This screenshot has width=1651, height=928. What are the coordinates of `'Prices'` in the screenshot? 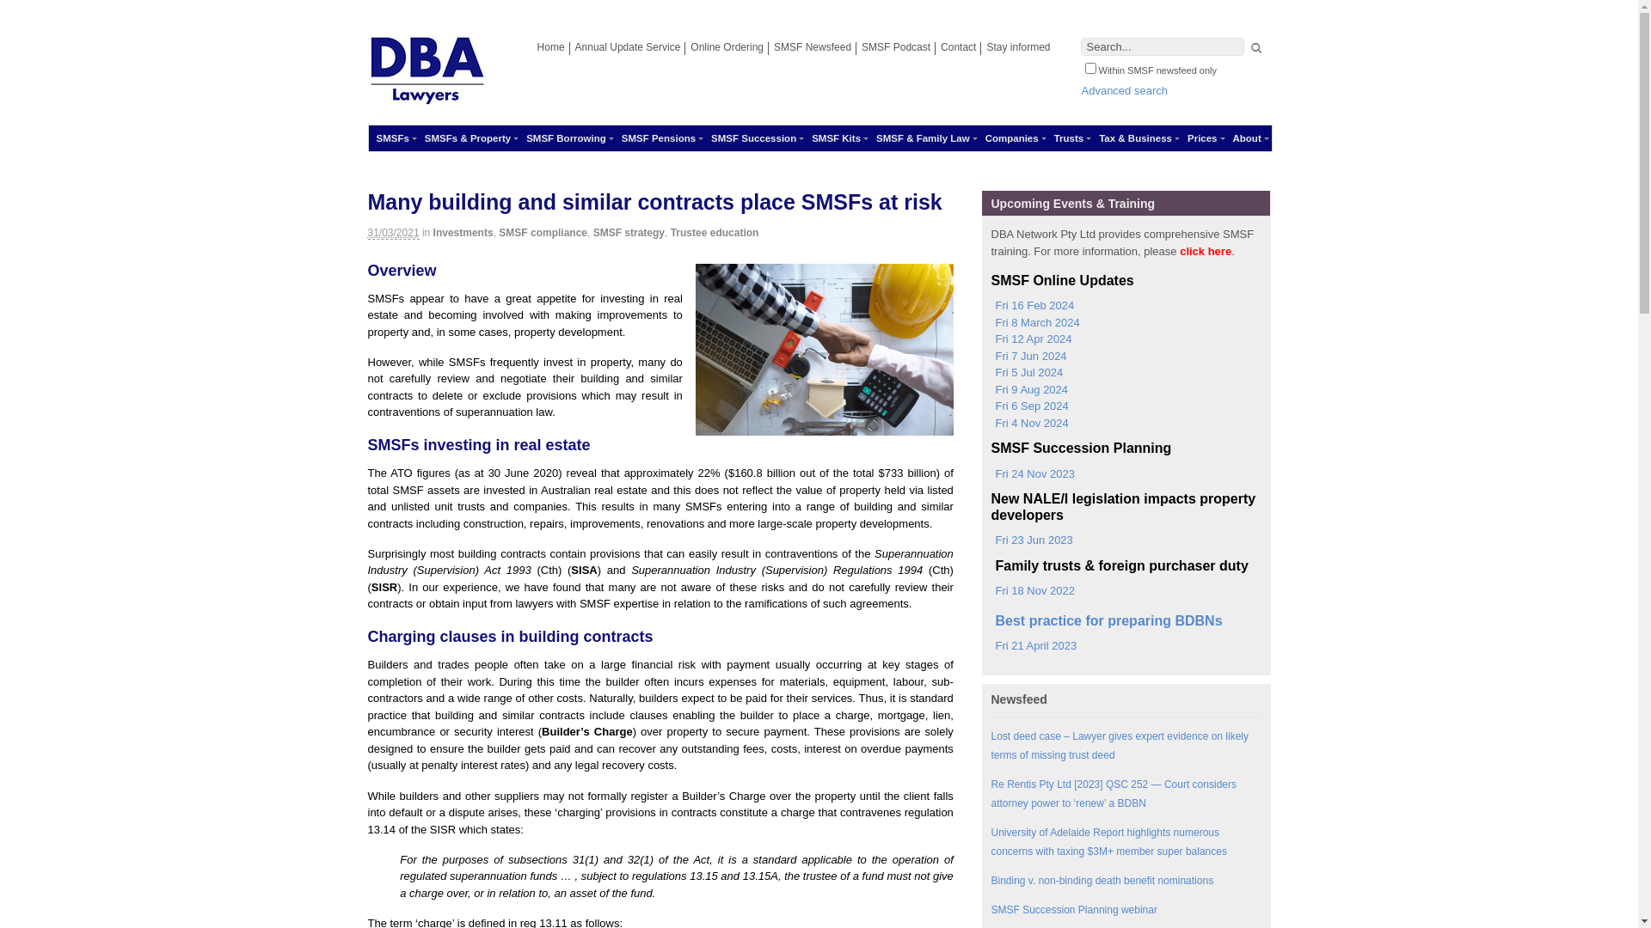 It's located at (1201, 137).